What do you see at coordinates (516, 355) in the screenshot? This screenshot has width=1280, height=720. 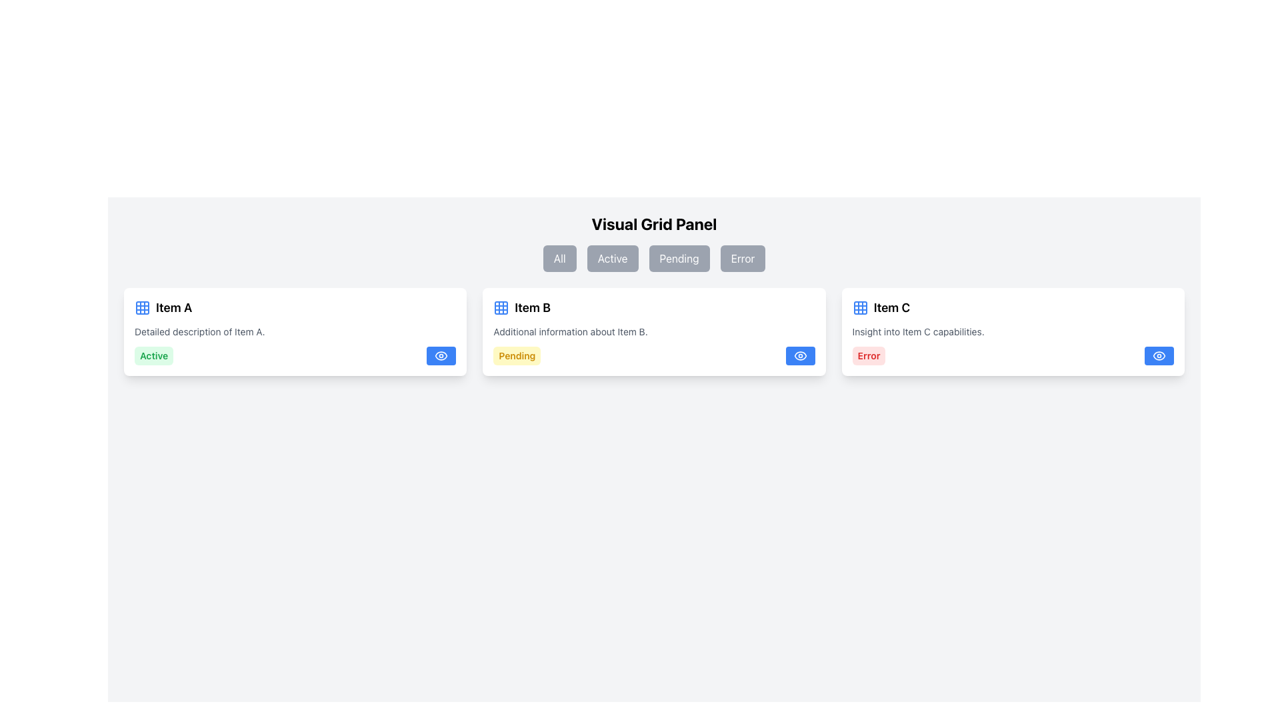 I see `the 'Pending' badge which is a rectangular element with rounded corners, located in the second card labeled 'Item B'` at bounding box center [516, 355].